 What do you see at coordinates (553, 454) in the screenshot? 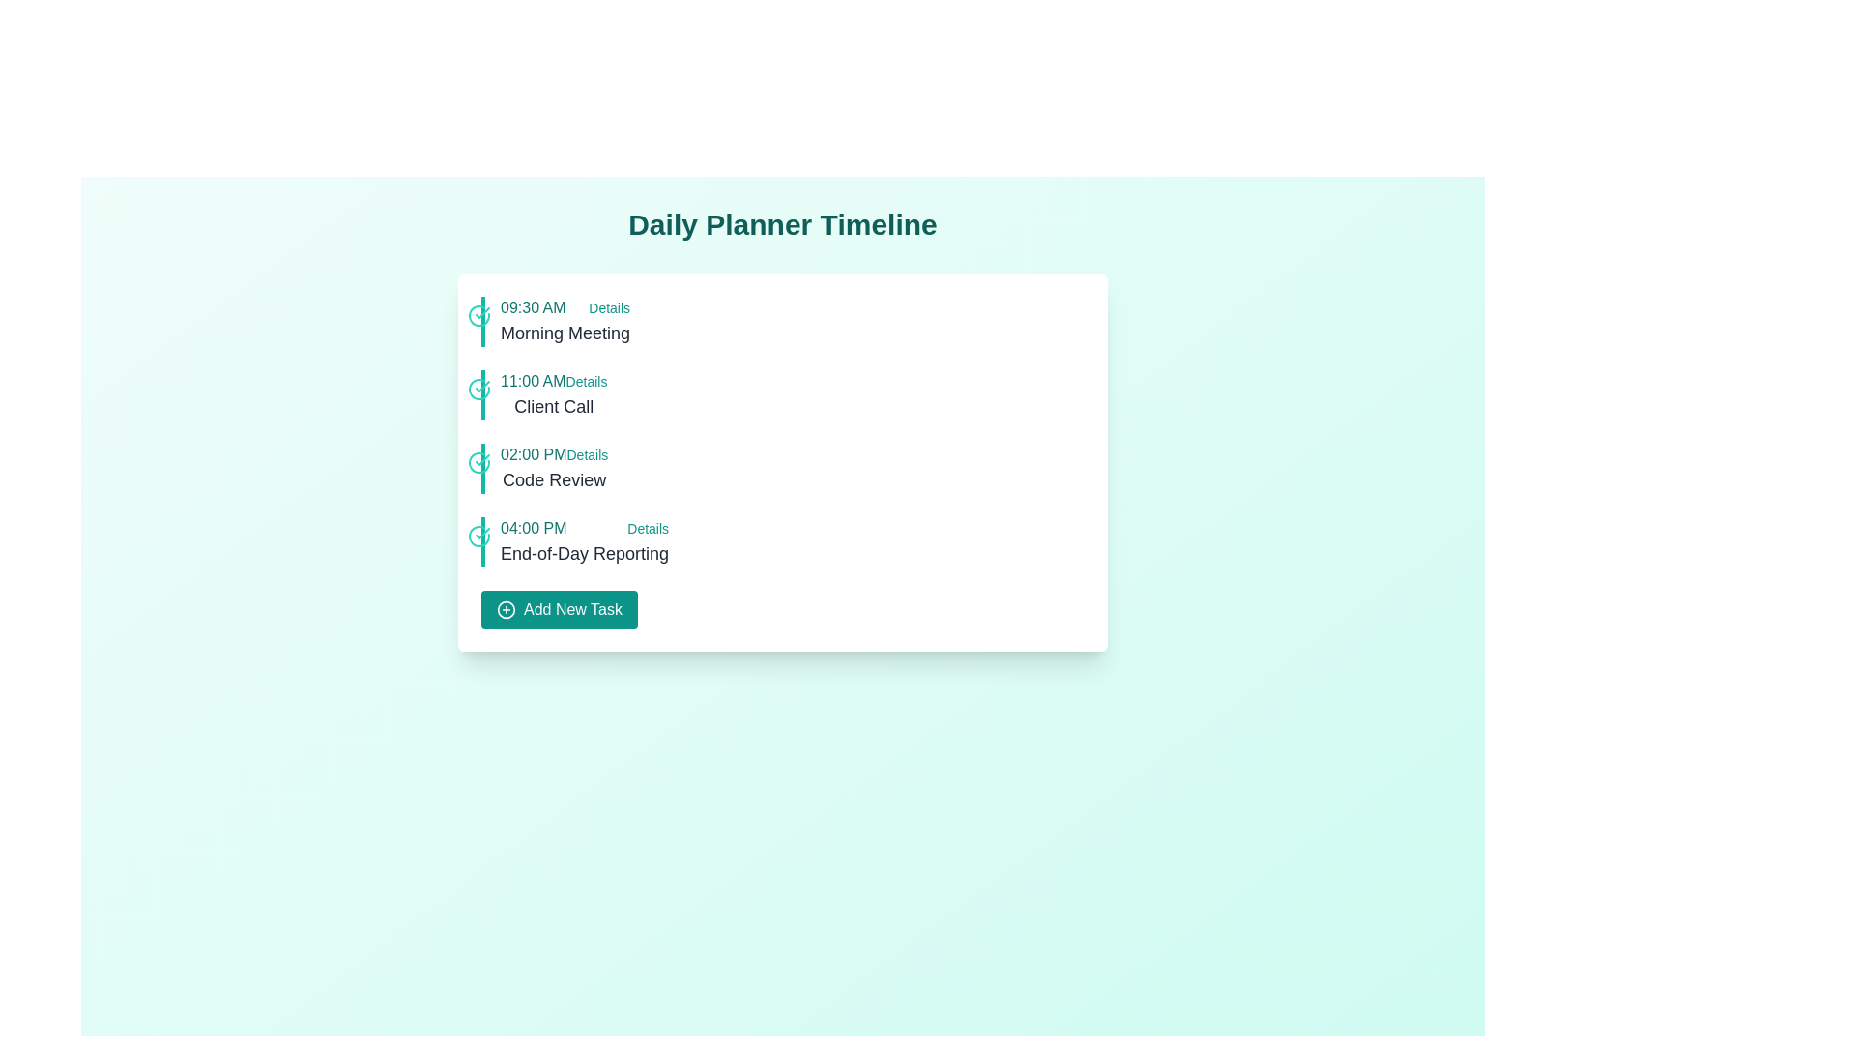
I see `the 'Details' text in the timeline interface, which is part of the third entry displaying '02:00 PM' on the left and 'Details' on the right` at bounding box center [553, 454].